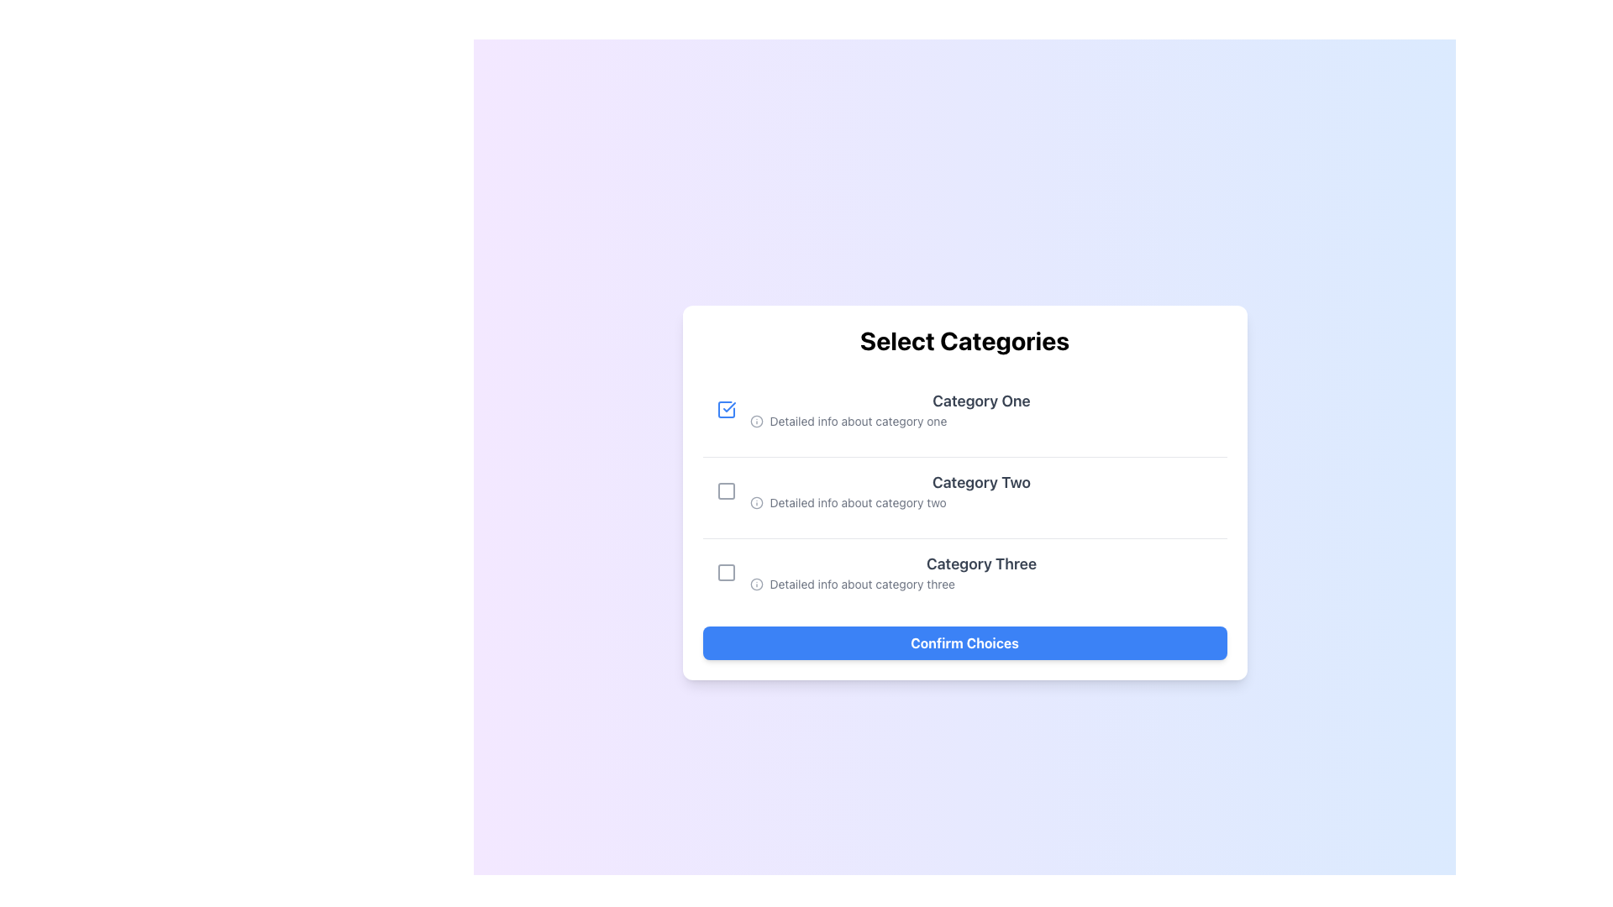 The image size is (1613, 907). What do you see at coordinates (755, 583) in the screenshot?
I see `the information icon located in front of the text 'Detailed info about category three' within the 'Category Three' section by moving the cursor to its center point` at bounding box center [755, 583].